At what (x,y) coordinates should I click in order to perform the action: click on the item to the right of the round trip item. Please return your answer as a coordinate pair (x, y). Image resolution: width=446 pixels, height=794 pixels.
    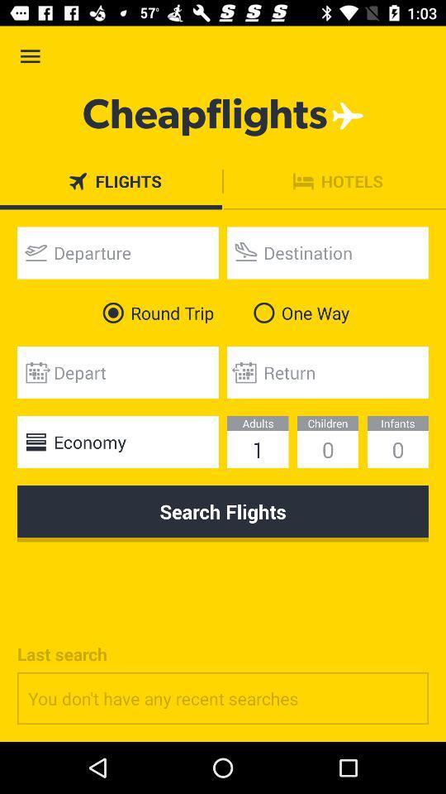
    Looking at the image, I should click on (297, 312).